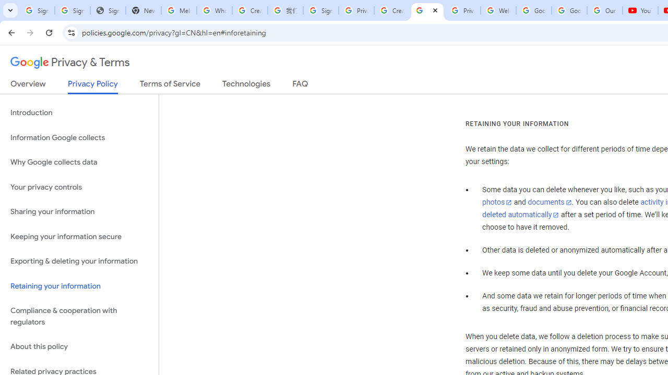 The image size is (668, 375). Describe the element at coordinates (391, 10) in the screenshot. I see `'Create your Google Account'` at that location.